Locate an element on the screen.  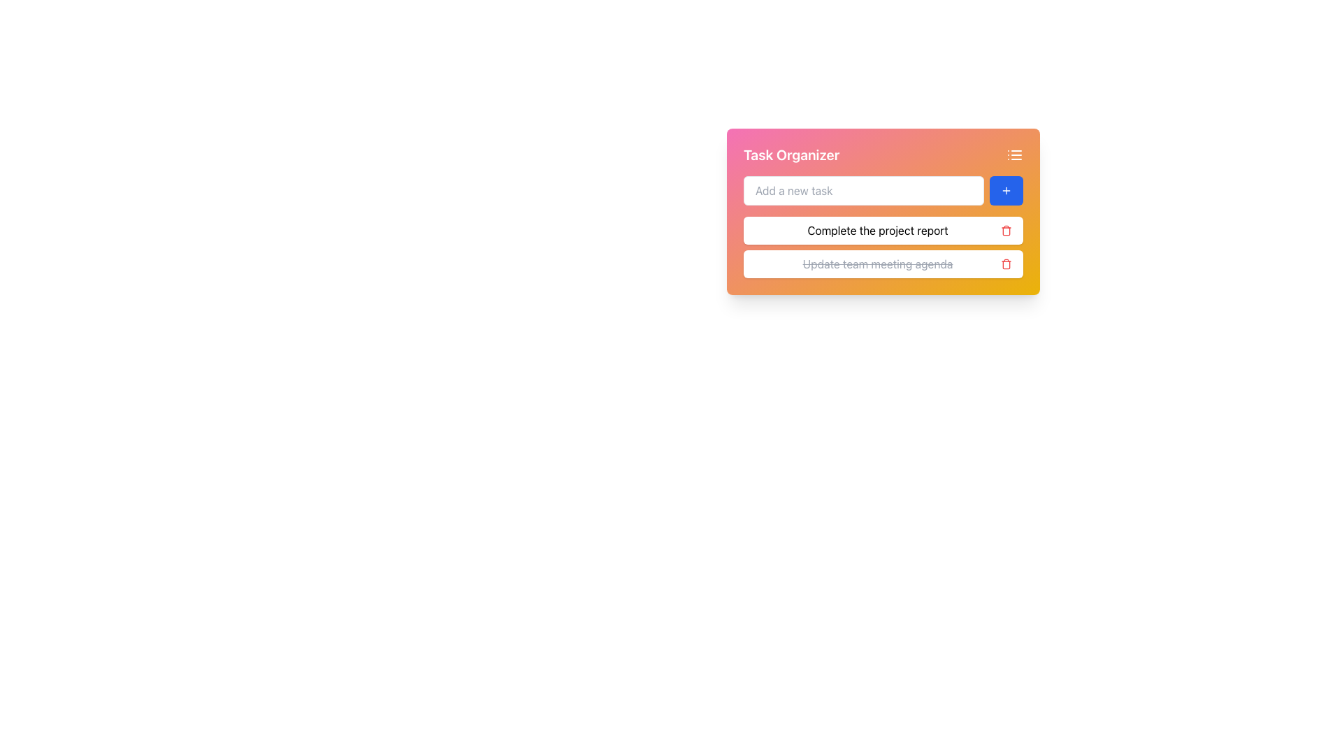
the text of the first task item in the to-do list is located at coordinates (882, 230).